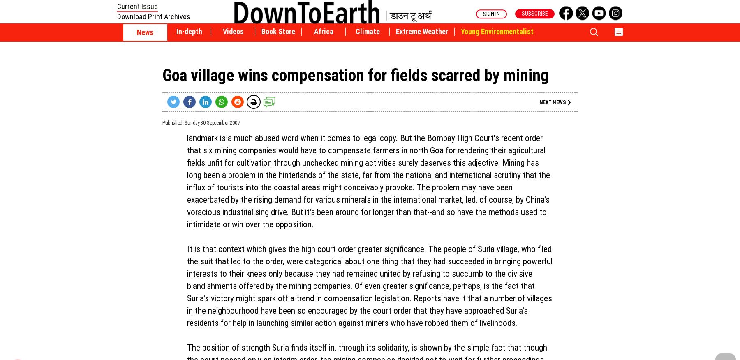 The width and height of the screenshot is (740, 360). What do you see at coordinates (137, 5) in the screenshot?
I see `'Current Issue'` at bounding box center [137, 5].